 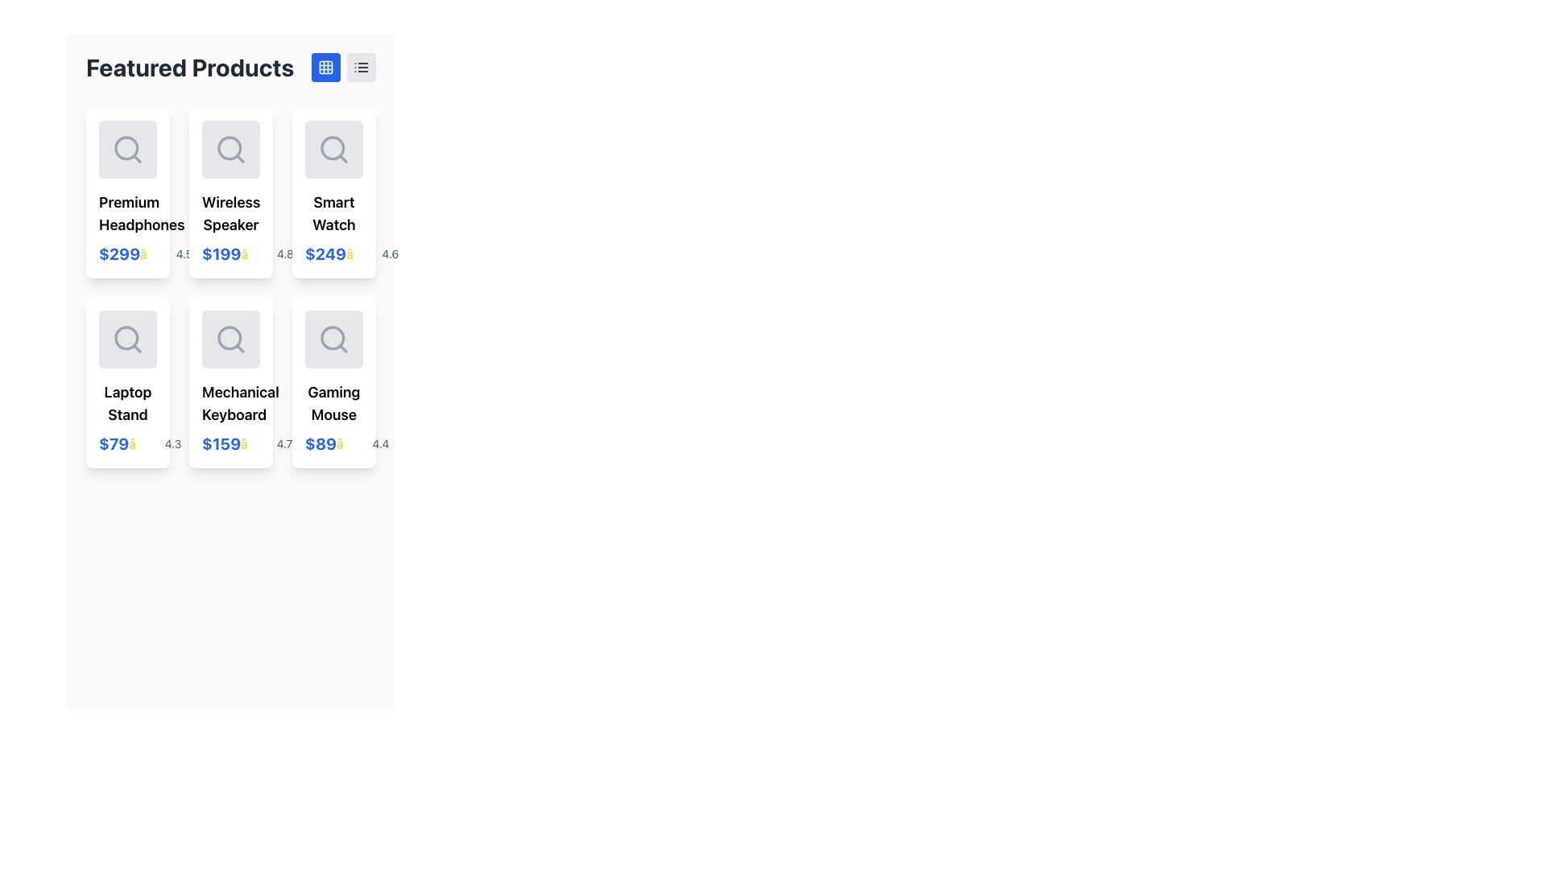 I want to click on the search icon located at the top of the 'Premium Headphones' product card in the 'Featured Products' section, so click(x=126, y=149).